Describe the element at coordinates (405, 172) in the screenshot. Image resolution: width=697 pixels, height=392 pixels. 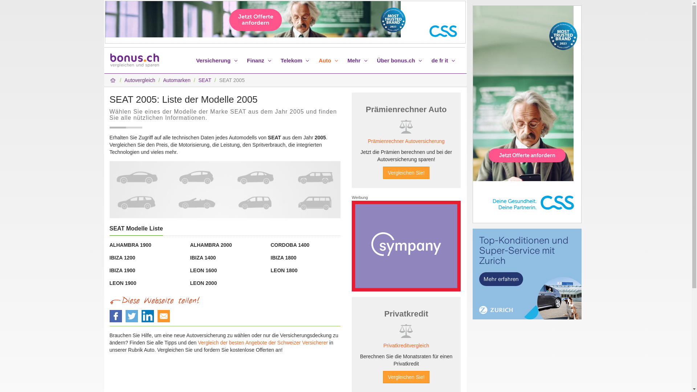
I see `'Vergleichen Sie!'` at that location.